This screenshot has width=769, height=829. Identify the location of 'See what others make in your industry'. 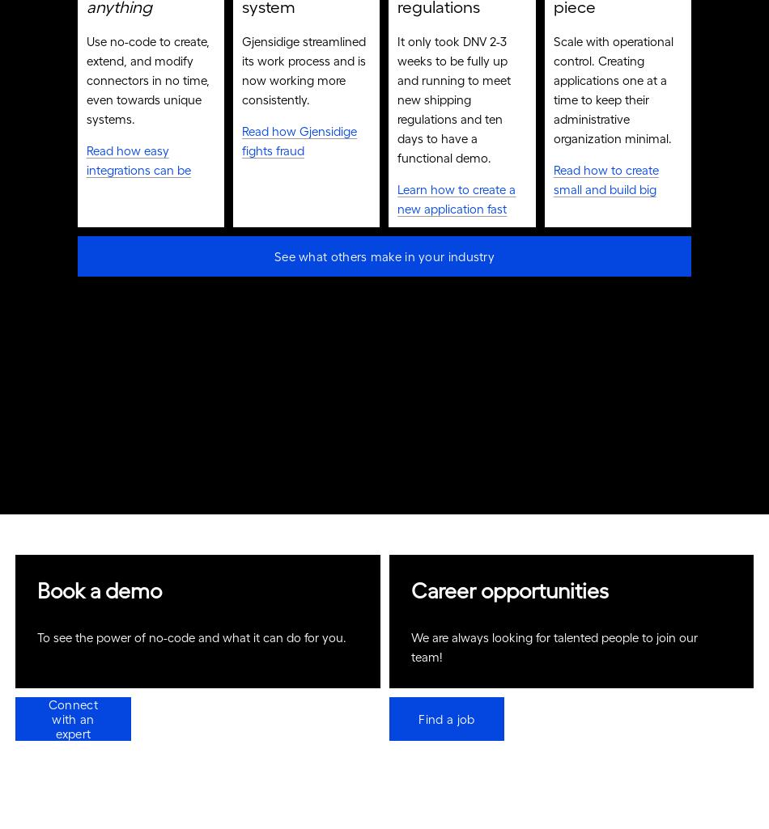
(273, 262).